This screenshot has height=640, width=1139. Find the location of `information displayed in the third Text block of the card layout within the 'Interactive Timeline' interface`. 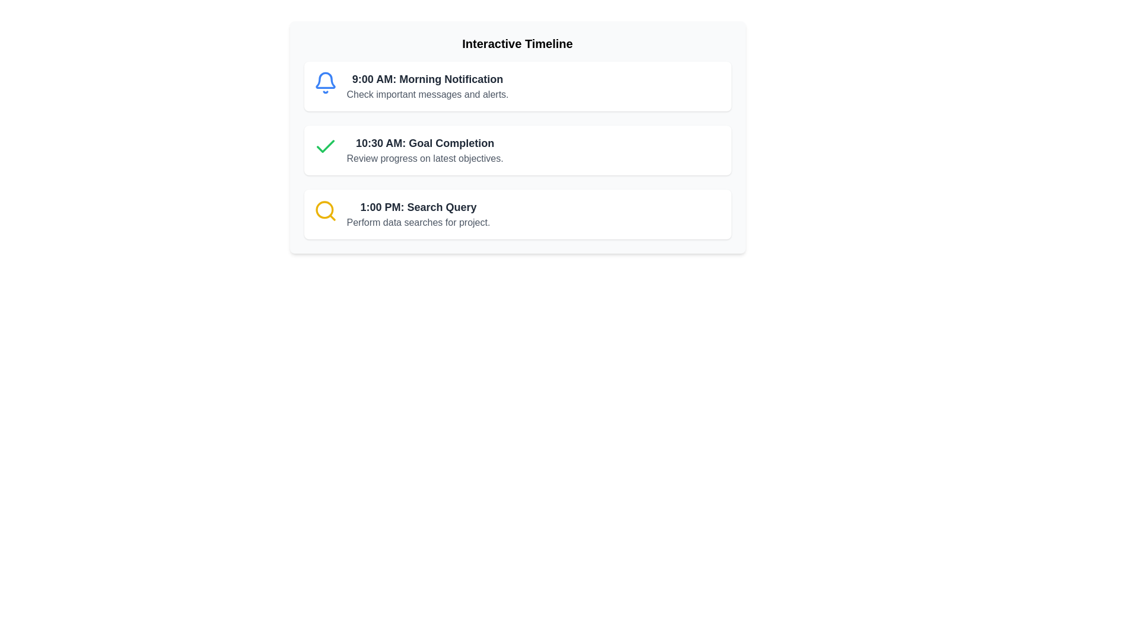

information displayed in the third Text block of the card layout within the 'Interactive Timeline' interface is located at coordinates (418, 215).